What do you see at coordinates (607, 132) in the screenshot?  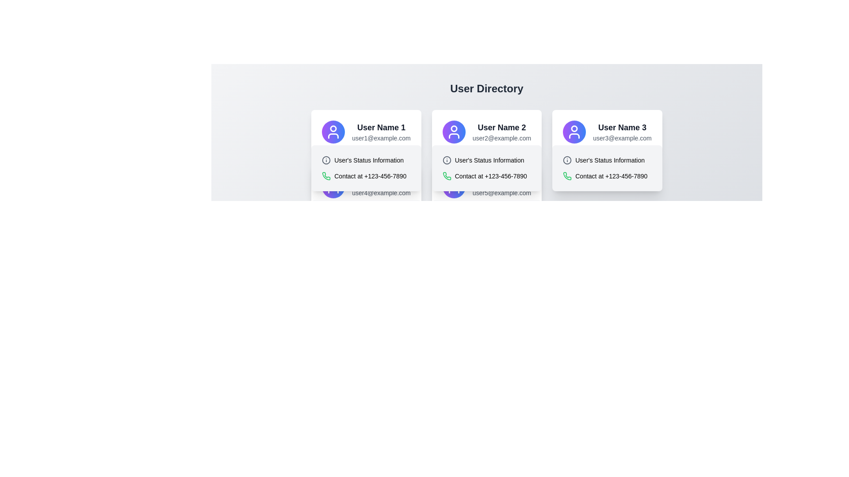 I see `information displayed in the Text and icon composite header featuring a purple-to-blue gradient circular icon with a user silhouette, bold title 'User Name 3', and subtitle 'user3@example.com'` at bounding box center [607, 132].